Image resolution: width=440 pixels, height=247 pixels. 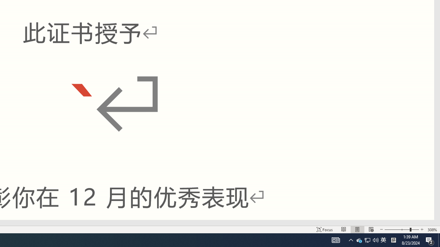 What do you see at coordinates (439, 239) in the screenshot?
I see `'Show desktop'` at bounding box center [439, 239].